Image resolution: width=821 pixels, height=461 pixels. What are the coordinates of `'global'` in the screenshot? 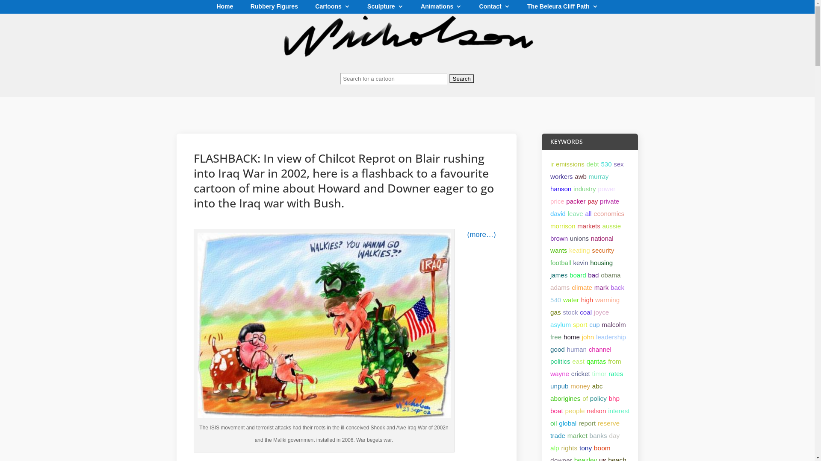 It's located at (567, 423).